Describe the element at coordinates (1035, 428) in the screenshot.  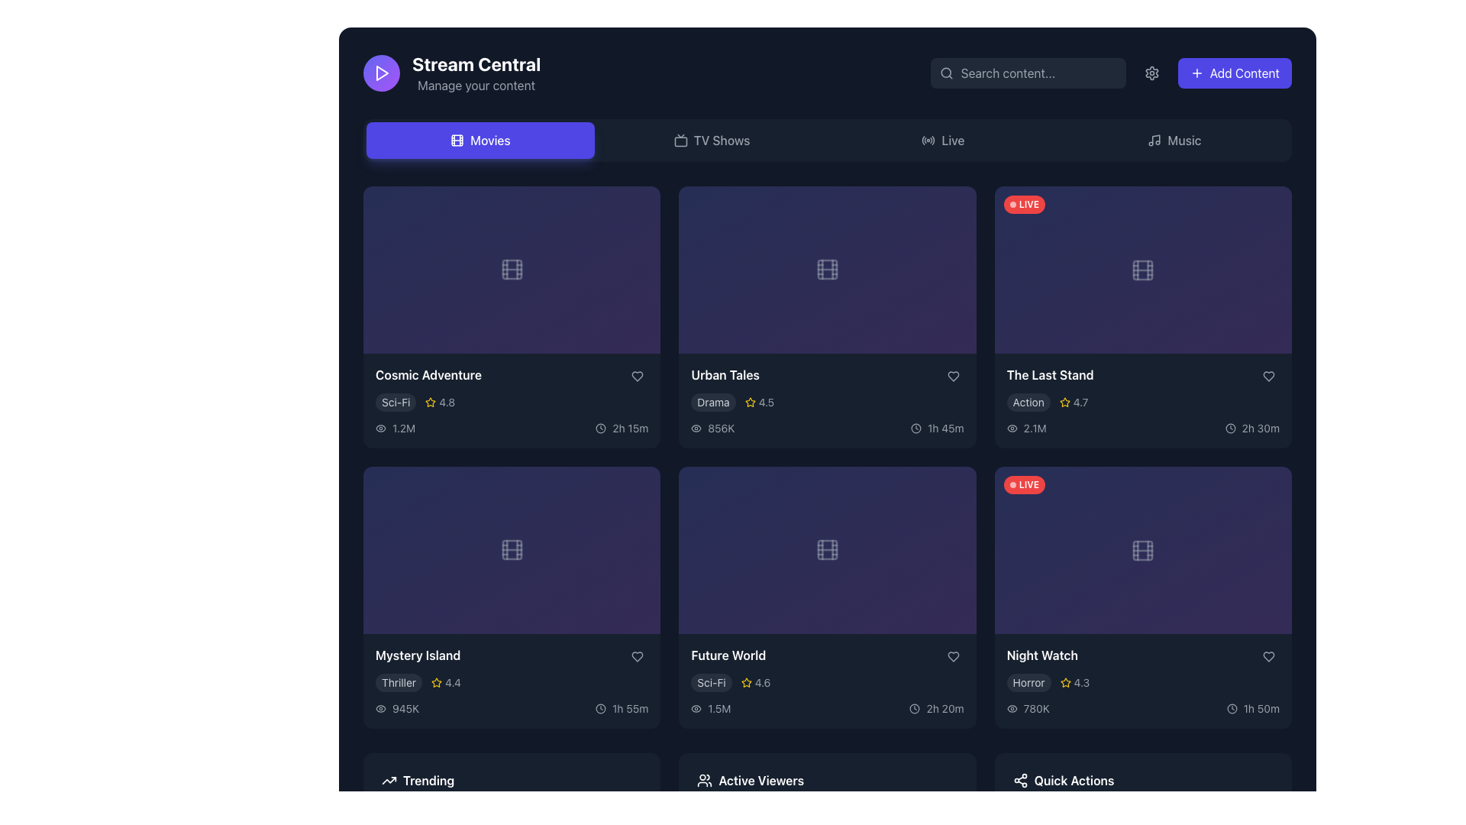
I see `the text label displaying the view count for 'The Last Stand', located at the bottom-left section of the card, immediately to the right of the eye-shaped icon` at that location.